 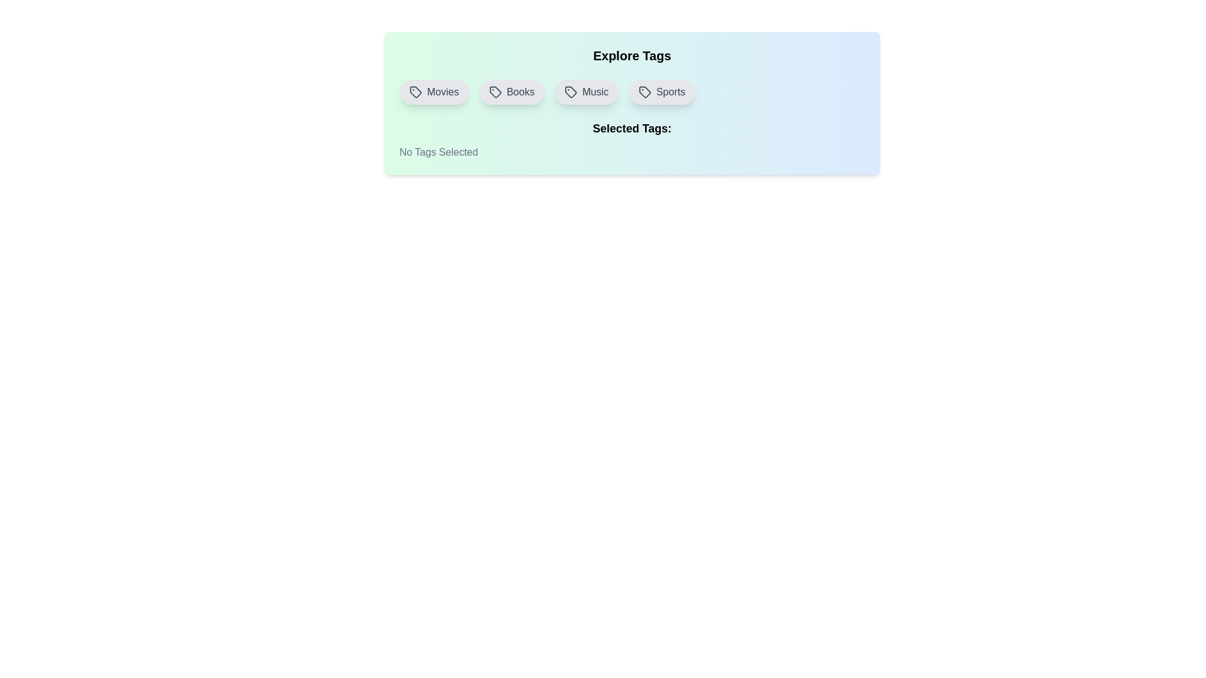 I want to click on the 'Movies' button, which is the first item in a horizontal list of categories and features a price tag icon on the left side of the label, so click(x=434, y=91).